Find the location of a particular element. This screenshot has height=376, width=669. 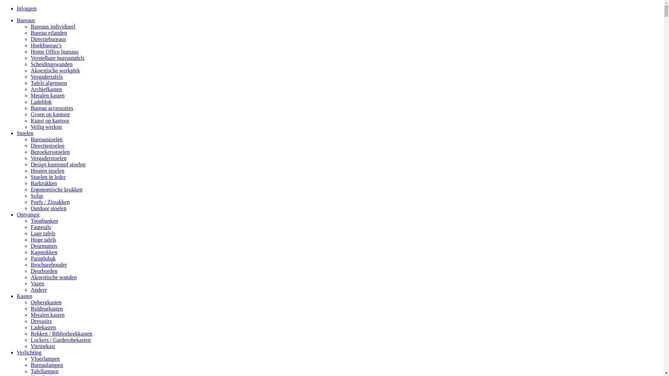

'Ergonomische krukken' is located at coordinates (56, 189).